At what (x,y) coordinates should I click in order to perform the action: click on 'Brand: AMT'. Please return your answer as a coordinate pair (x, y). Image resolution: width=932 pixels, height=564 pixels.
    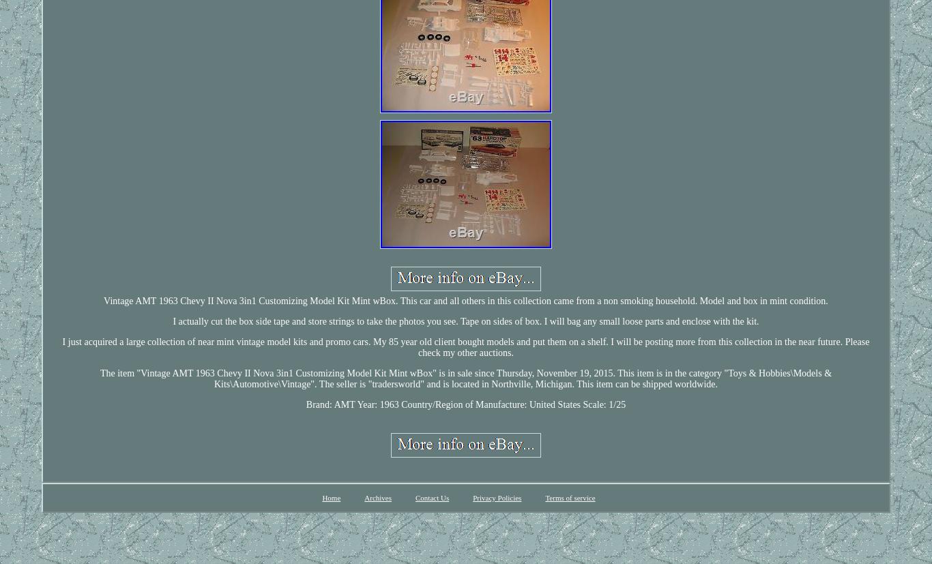
    Looking at the image, I should click on (330, 404).